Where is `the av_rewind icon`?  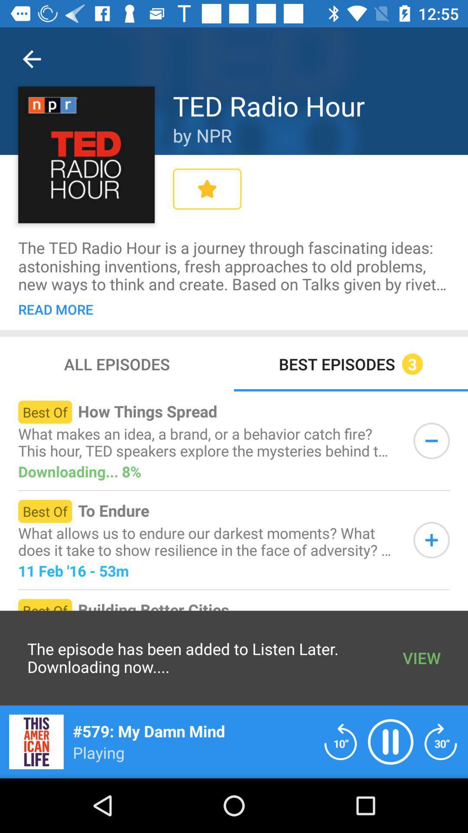 the av_rewind icon is located at coordinates (340, 741).